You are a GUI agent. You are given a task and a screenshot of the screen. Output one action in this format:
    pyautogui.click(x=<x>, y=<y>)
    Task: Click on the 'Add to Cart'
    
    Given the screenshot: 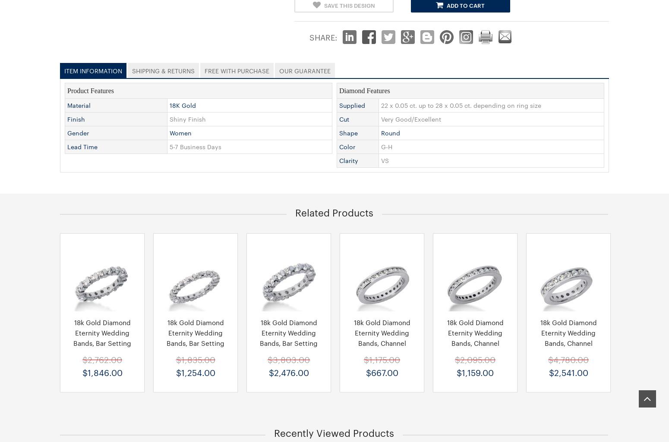 What is the action you would take?
    pyautogui.click(x=465, y=5)
    